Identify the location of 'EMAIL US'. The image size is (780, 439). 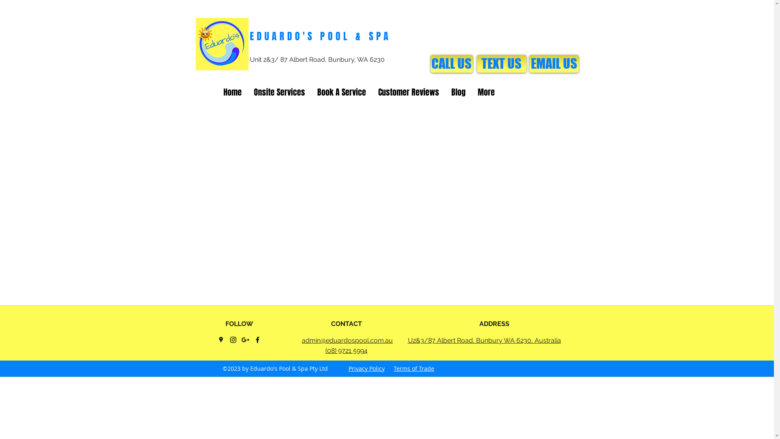
(529, 63).